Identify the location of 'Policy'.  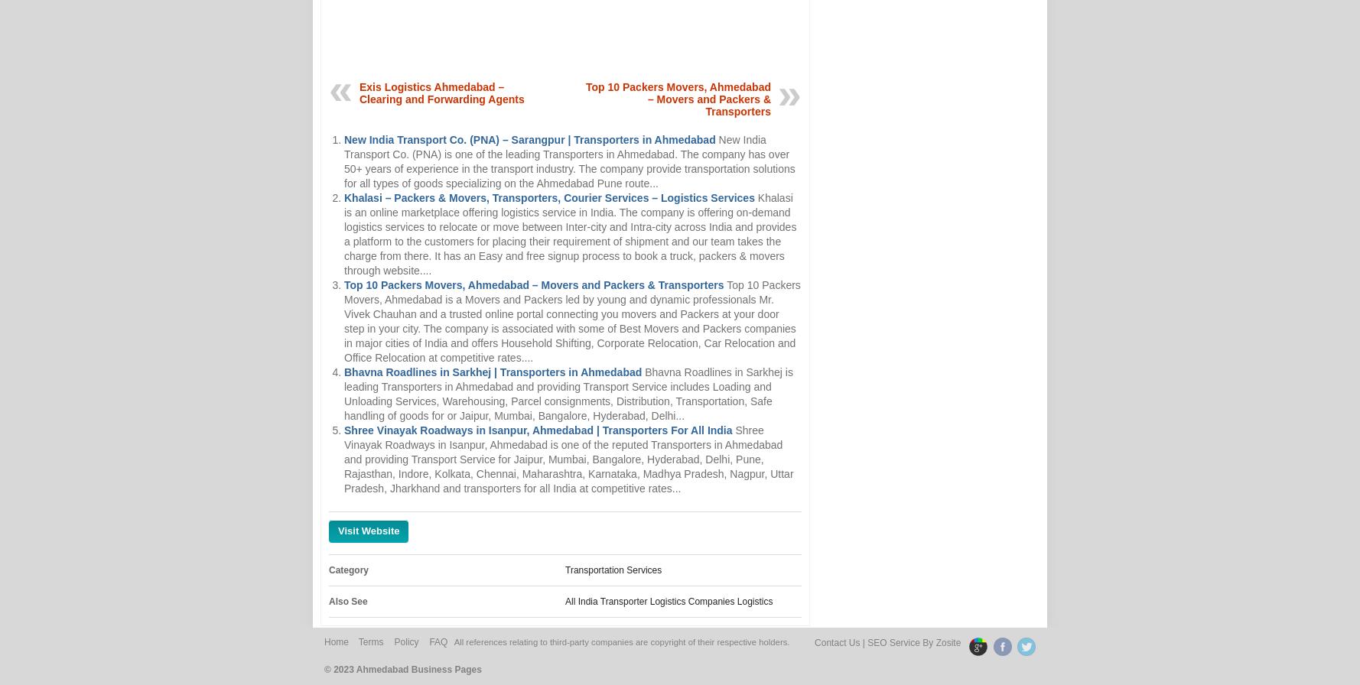
(406, 642).